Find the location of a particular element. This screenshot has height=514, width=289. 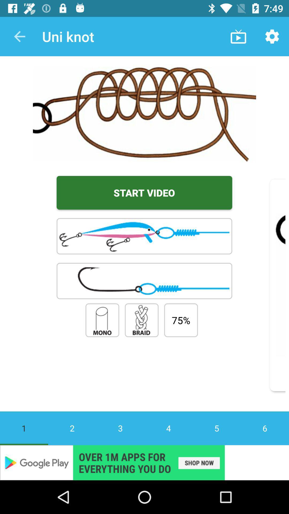

banner advertisement is located at coordinates (144, 462).